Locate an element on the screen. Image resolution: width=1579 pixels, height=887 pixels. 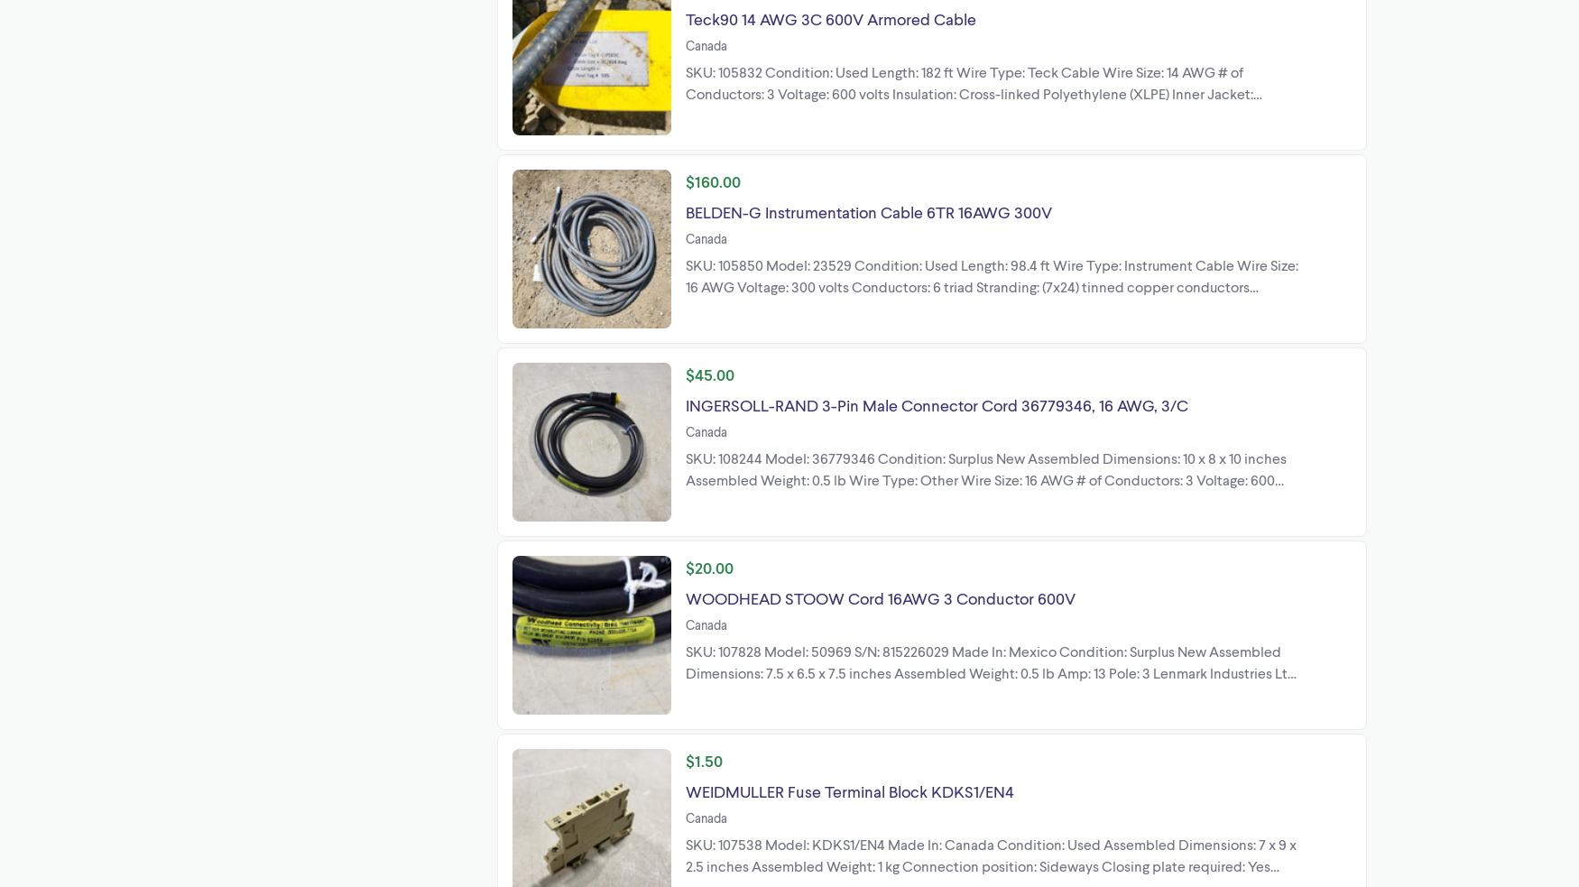
'$20.00' is located at coordinates (708, 567).